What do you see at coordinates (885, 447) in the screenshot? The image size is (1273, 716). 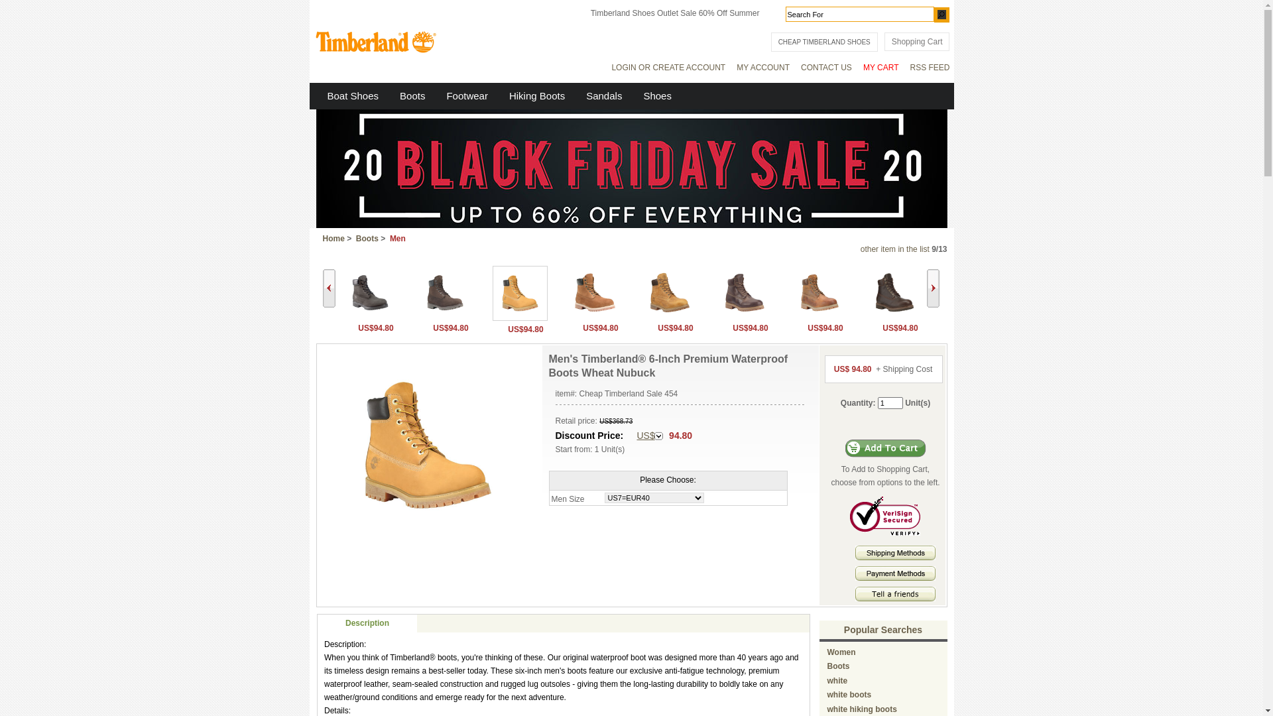 I see `'Add to Cart'` at bounding box center [885, 447].